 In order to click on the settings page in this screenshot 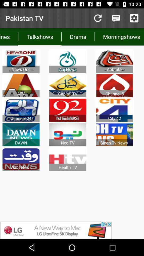, I will do `click(134, 18)`.